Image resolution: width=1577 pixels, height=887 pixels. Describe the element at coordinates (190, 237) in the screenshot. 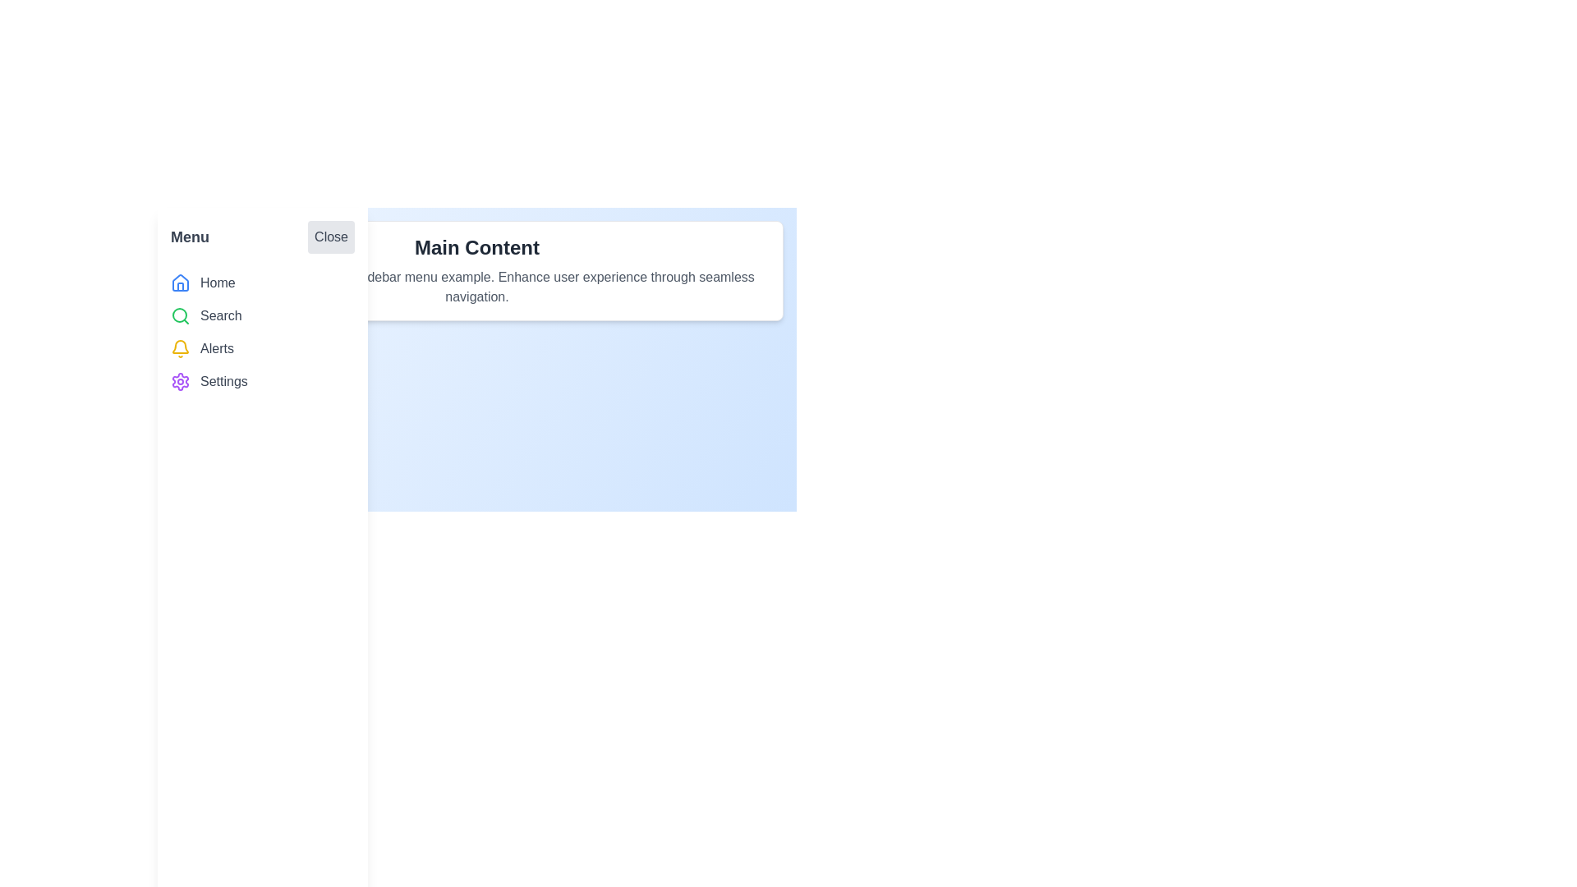

I see `the 'Menu' text label, which is a bold, prominently styled text in dark gray located within the header area of the navigation panel, adjacent to the 'Close' button` at that location.